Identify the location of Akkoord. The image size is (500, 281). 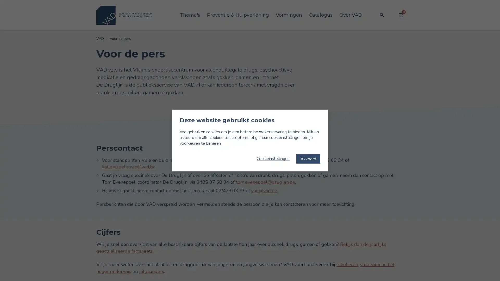
(308, 158).